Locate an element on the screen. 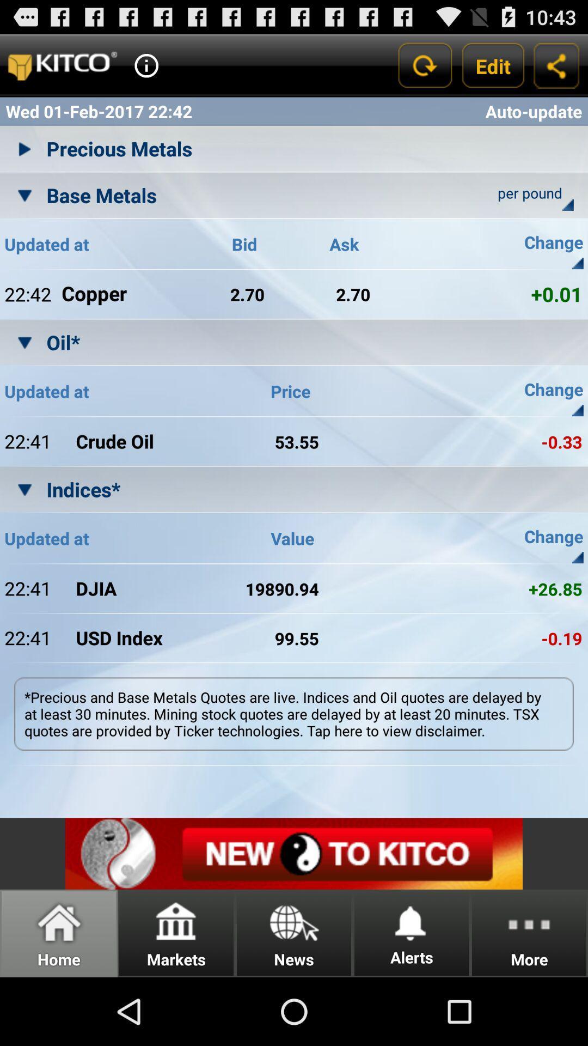  refresh the current results is located at coordinates (424, 65).